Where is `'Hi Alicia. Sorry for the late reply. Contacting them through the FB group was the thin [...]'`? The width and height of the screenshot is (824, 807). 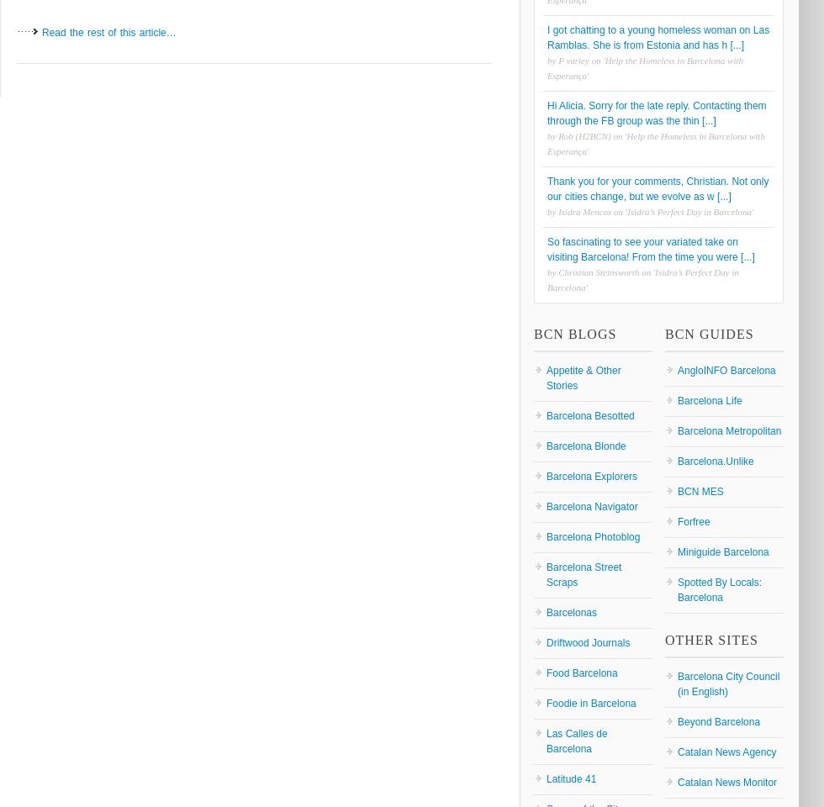
'Hi Alicia. Sorry for the late reply. Contacting them through the FB group was the thin [...]' is located at coordinates (656, 112).